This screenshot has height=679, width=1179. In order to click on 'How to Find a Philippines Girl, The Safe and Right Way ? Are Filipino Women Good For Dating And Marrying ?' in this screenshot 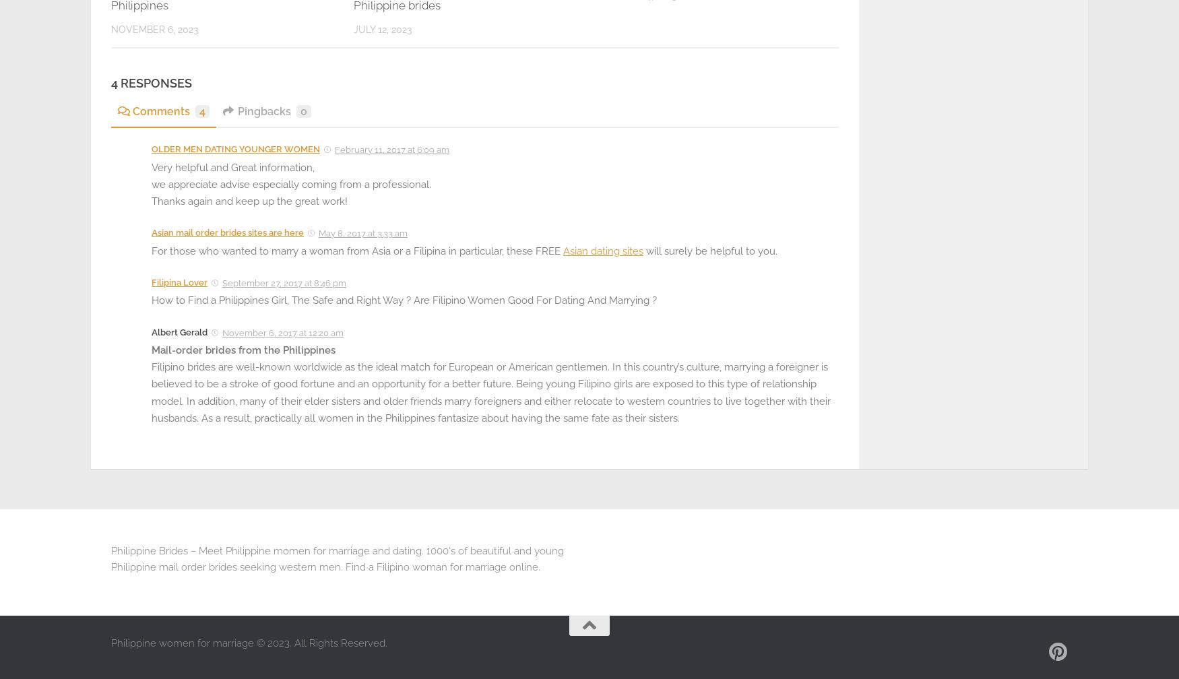, I will do `click(152, 300)`.